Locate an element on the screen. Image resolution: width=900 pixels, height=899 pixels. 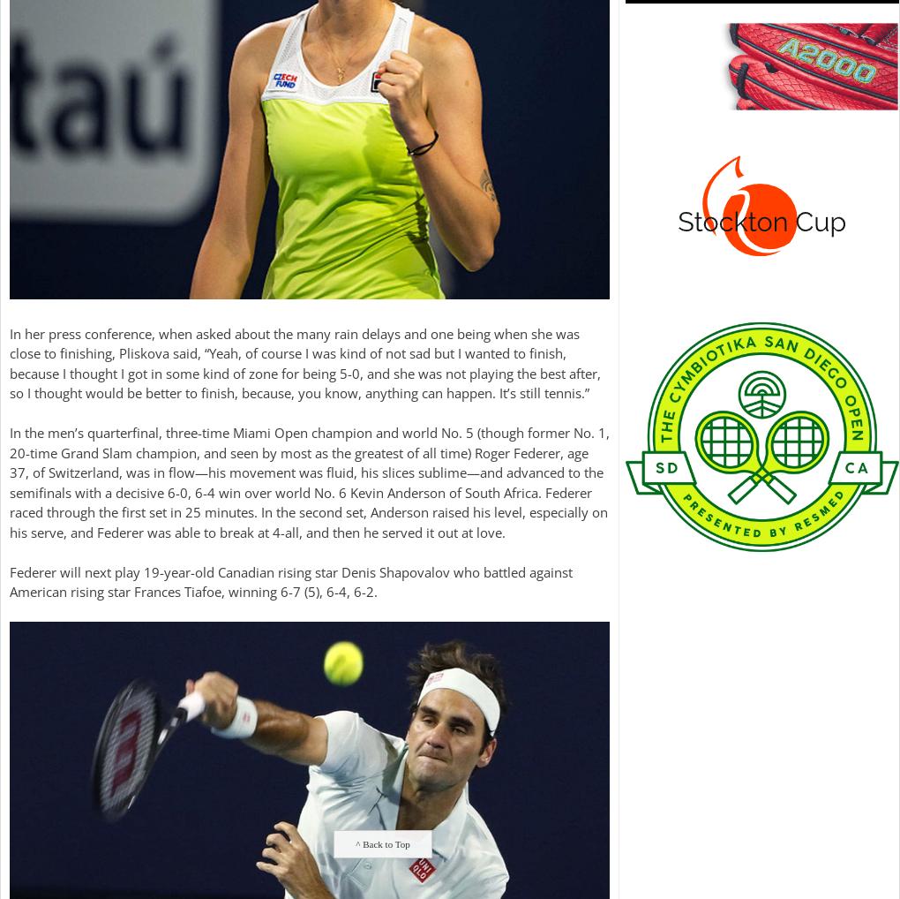
'37' is located at coordinates (9, 471).